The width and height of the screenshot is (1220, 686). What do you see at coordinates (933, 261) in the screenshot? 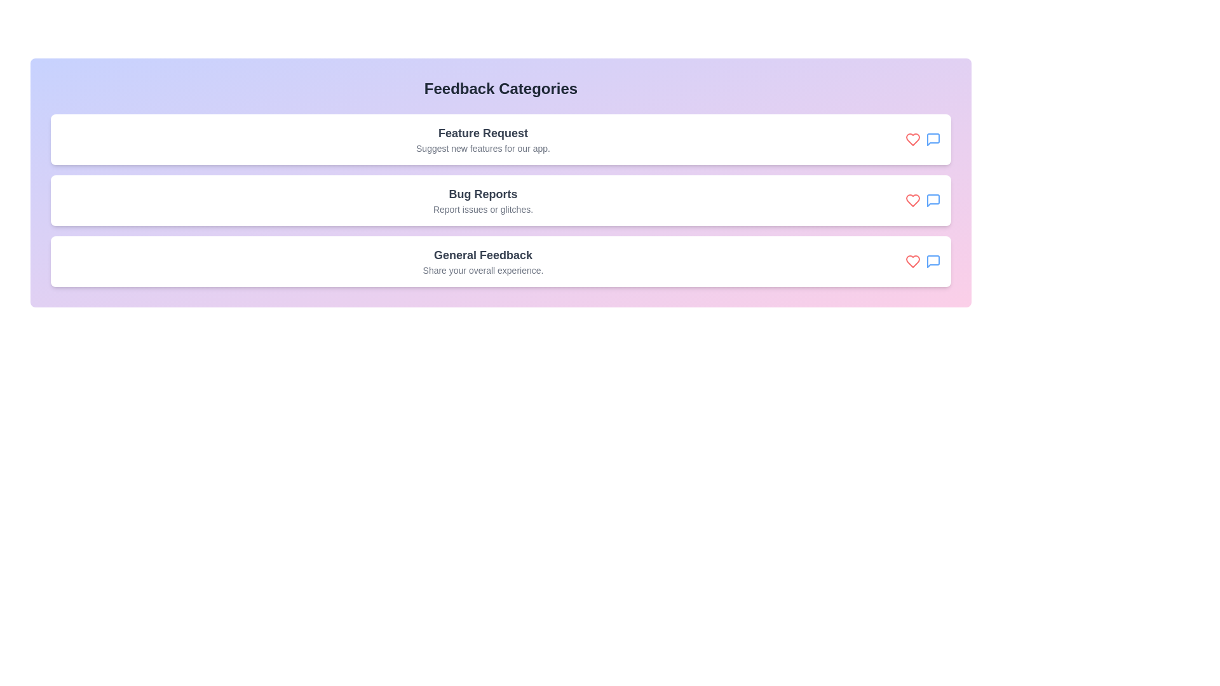
I see `the comment icon for the feedback category General Feedback` at bounding box center [933, 261].